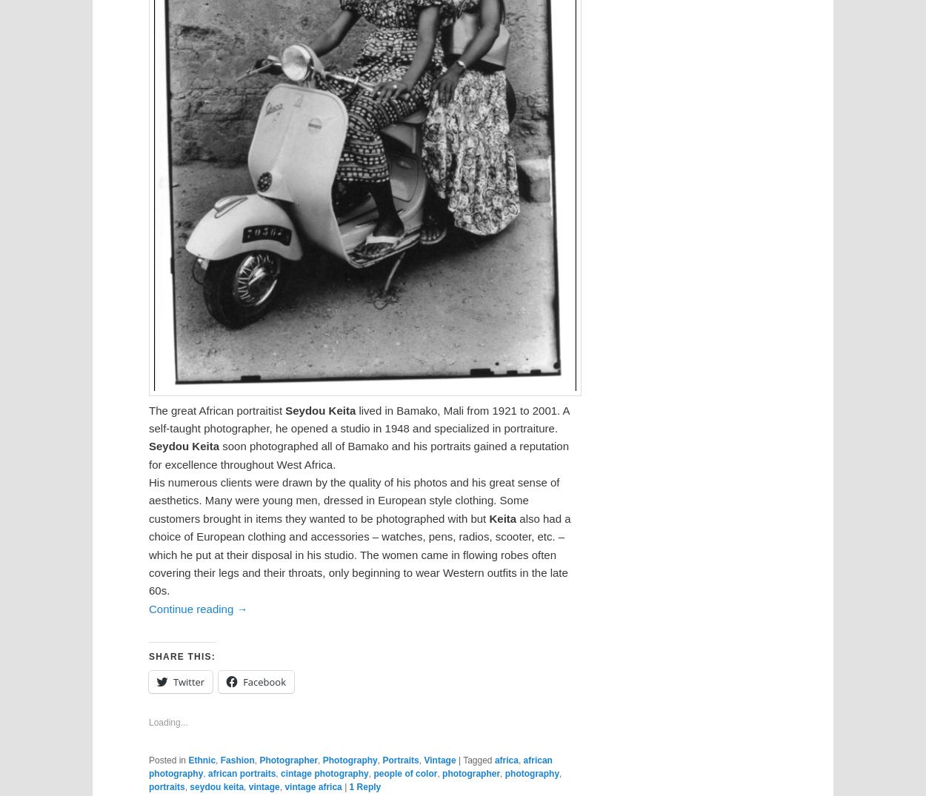 Image resolution: width=926 pixels, height=796 pixels. What do you see at coordinates (353, 500) in the screenshot?
I see `'His numerous clients were drawn by the quality of his photos and his great sense of aesthetics. Many were young men, dressed in European style clothing. Some customers brought in items they wanted to be photographed with but'` at bounding box center [353, 500].